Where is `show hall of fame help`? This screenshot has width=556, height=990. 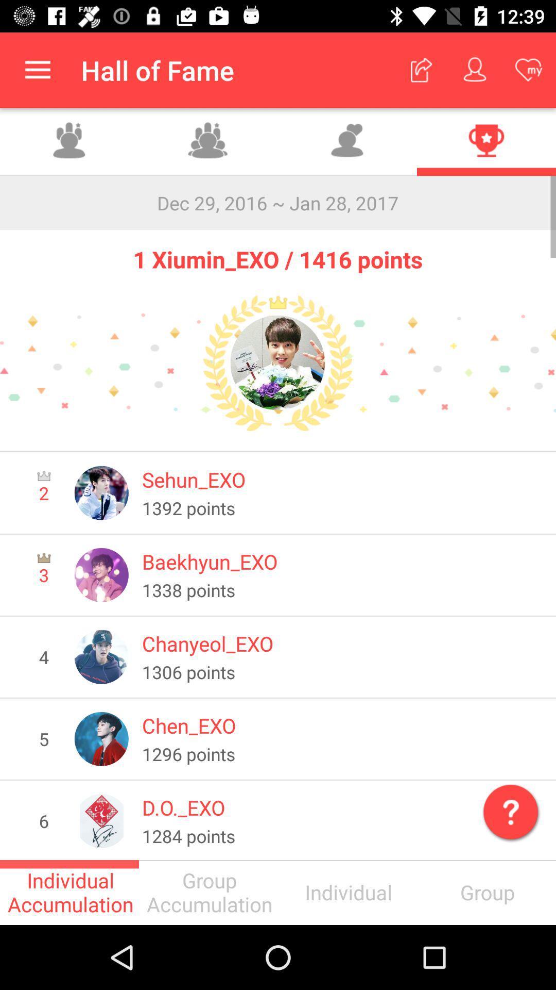 show hall of fame help is located at coordinates (508, 809).